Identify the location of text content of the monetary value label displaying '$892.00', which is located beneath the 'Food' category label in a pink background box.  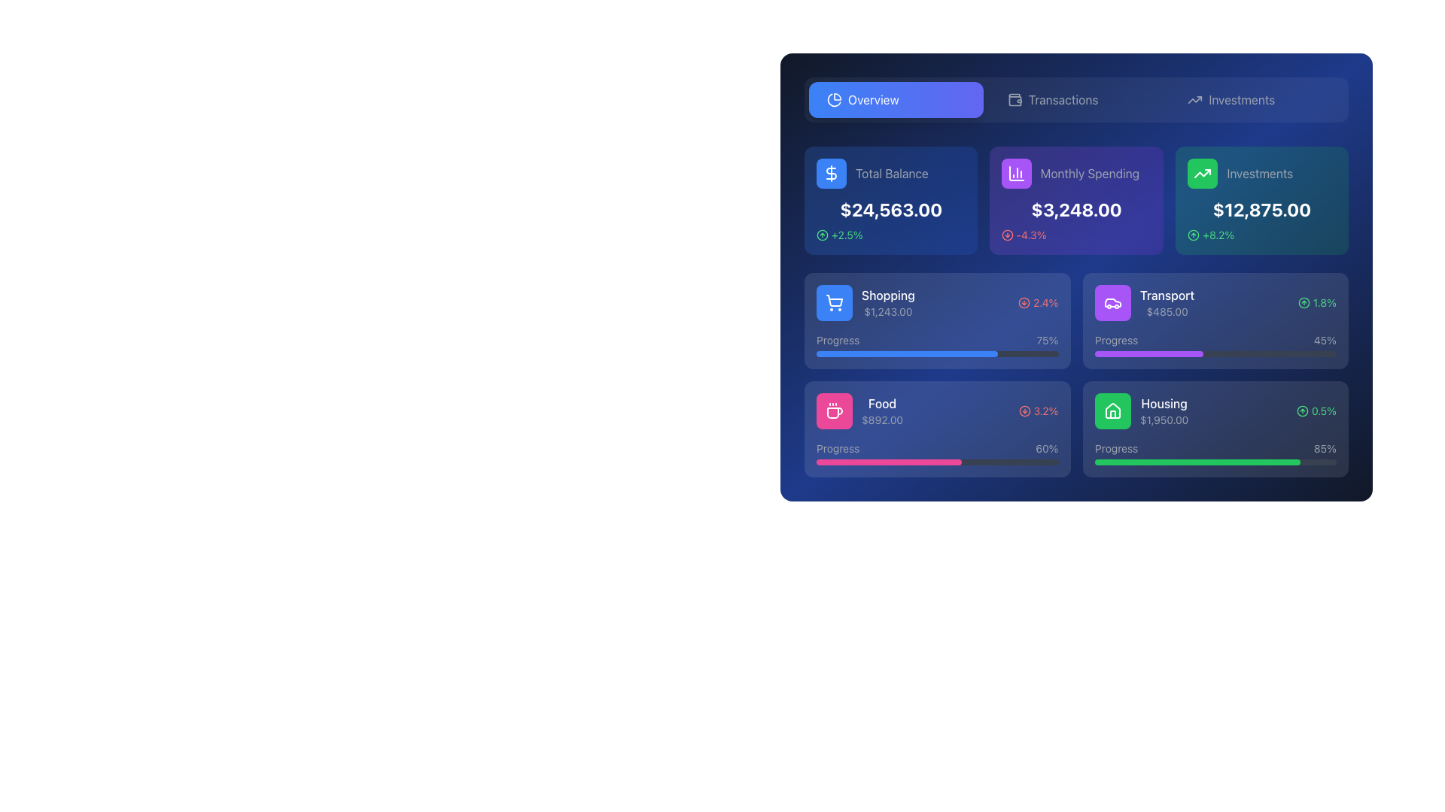
(882, 420).